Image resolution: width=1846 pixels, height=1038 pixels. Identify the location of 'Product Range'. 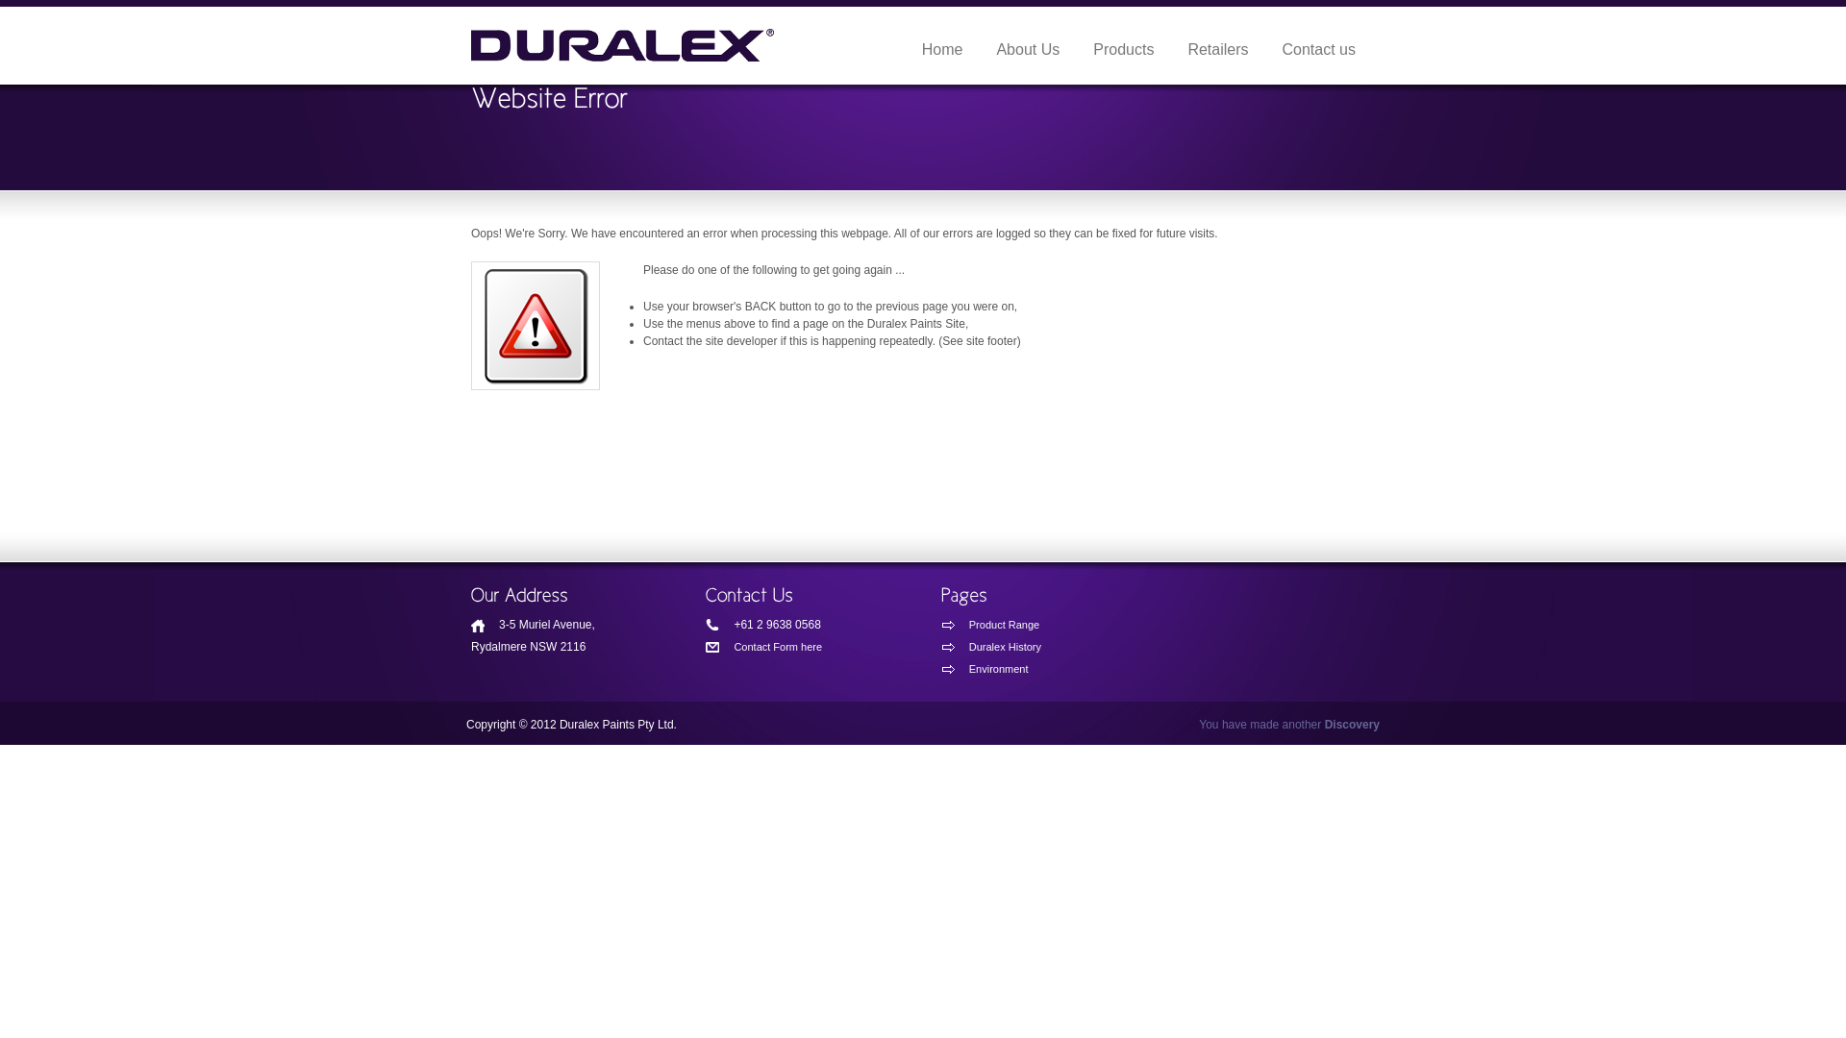
(1020, 625).